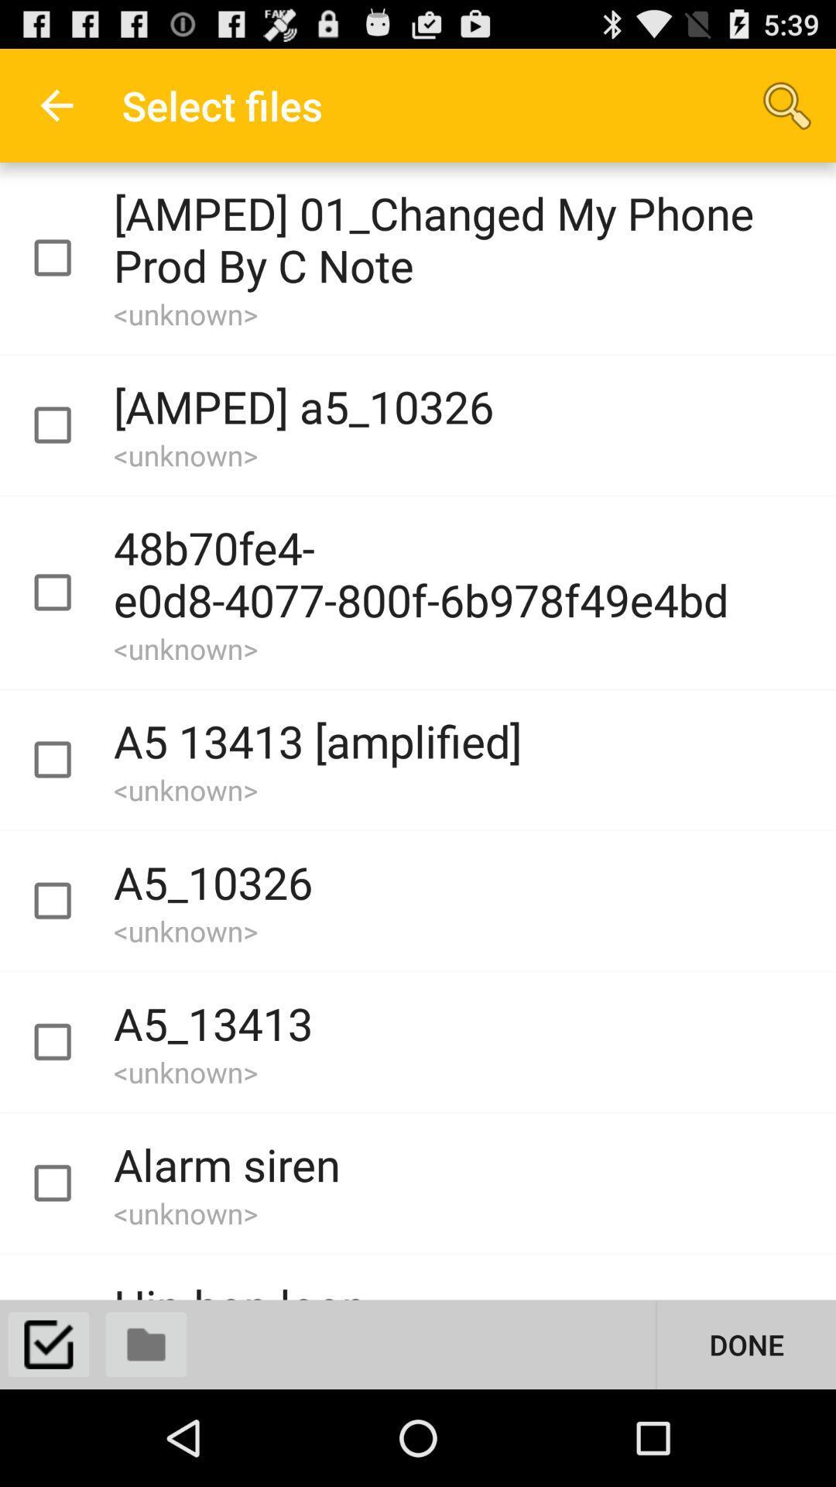 The image size is (836, 1487). What do you see at coordinates (146, 1344) in the screenshot?
I see `files` at bounding box center [146, 1344].